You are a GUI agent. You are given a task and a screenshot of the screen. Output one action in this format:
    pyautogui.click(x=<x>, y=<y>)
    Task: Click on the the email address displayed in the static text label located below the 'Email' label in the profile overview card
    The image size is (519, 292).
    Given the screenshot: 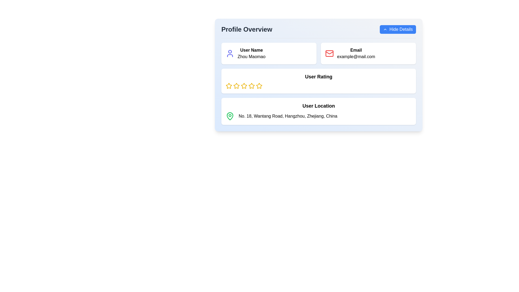 What is the action you would take?
    pyautogui.click(x=356, y=57)
    